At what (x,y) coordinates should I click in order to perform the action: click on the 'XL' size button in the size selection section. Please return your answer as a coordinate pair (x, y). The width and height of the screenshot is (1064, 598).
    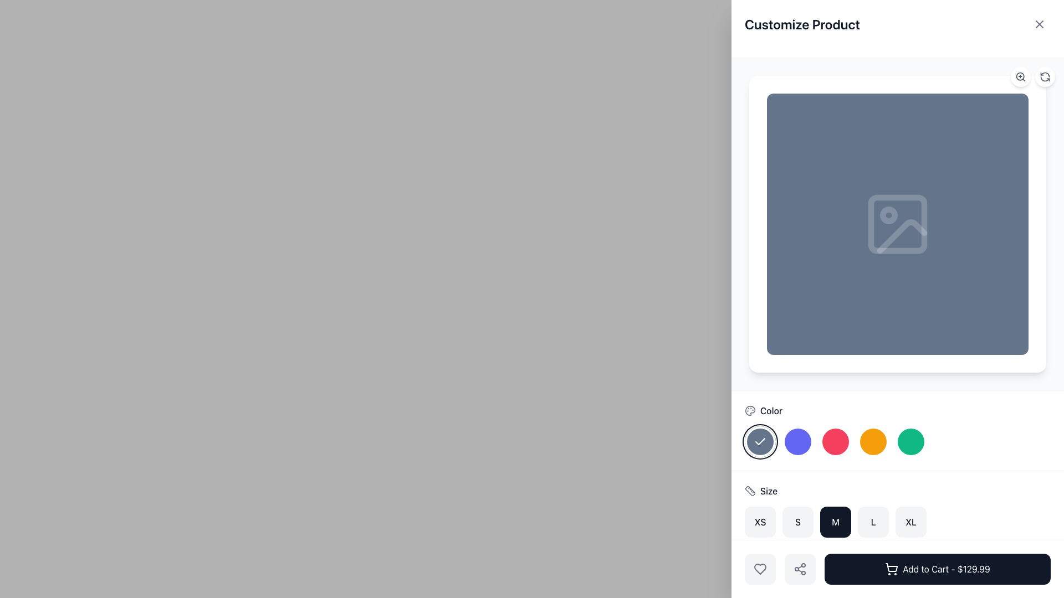
    Looking at the image, I should click on (898, 522).